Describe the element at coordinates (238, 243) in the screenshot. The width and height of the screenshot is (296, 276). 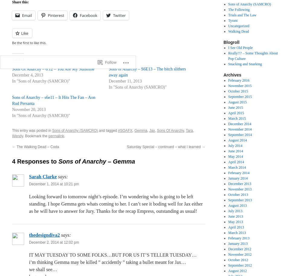
I see `'January 2013'` at that location.